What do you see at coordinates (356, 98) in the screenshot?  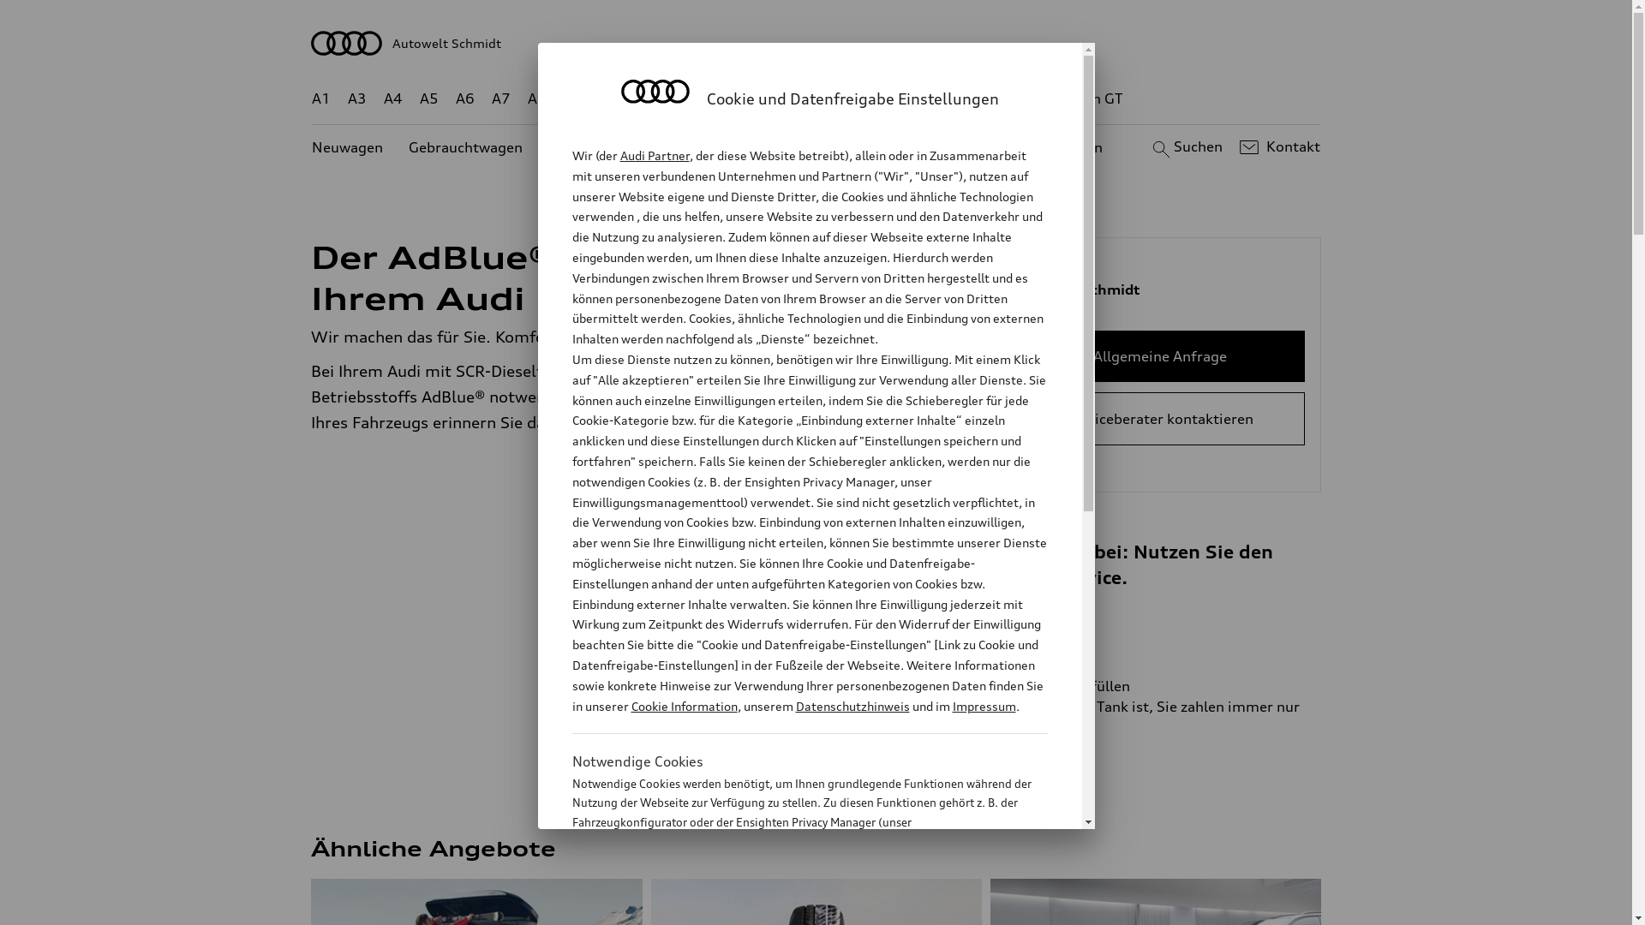 I see `'A3'` at bounding box center [356, 98].